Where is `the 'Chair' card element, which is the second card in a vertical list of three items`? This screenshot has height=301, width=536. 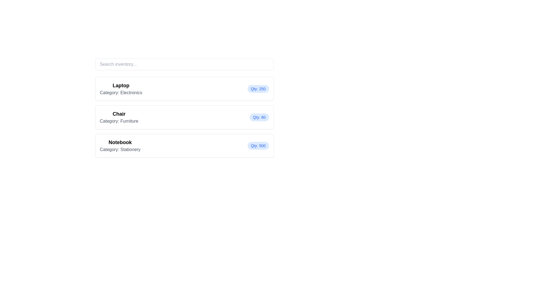
the 'Chair' card element, which is the second card in a vertical list of three items is located at coordinates (184, 108).